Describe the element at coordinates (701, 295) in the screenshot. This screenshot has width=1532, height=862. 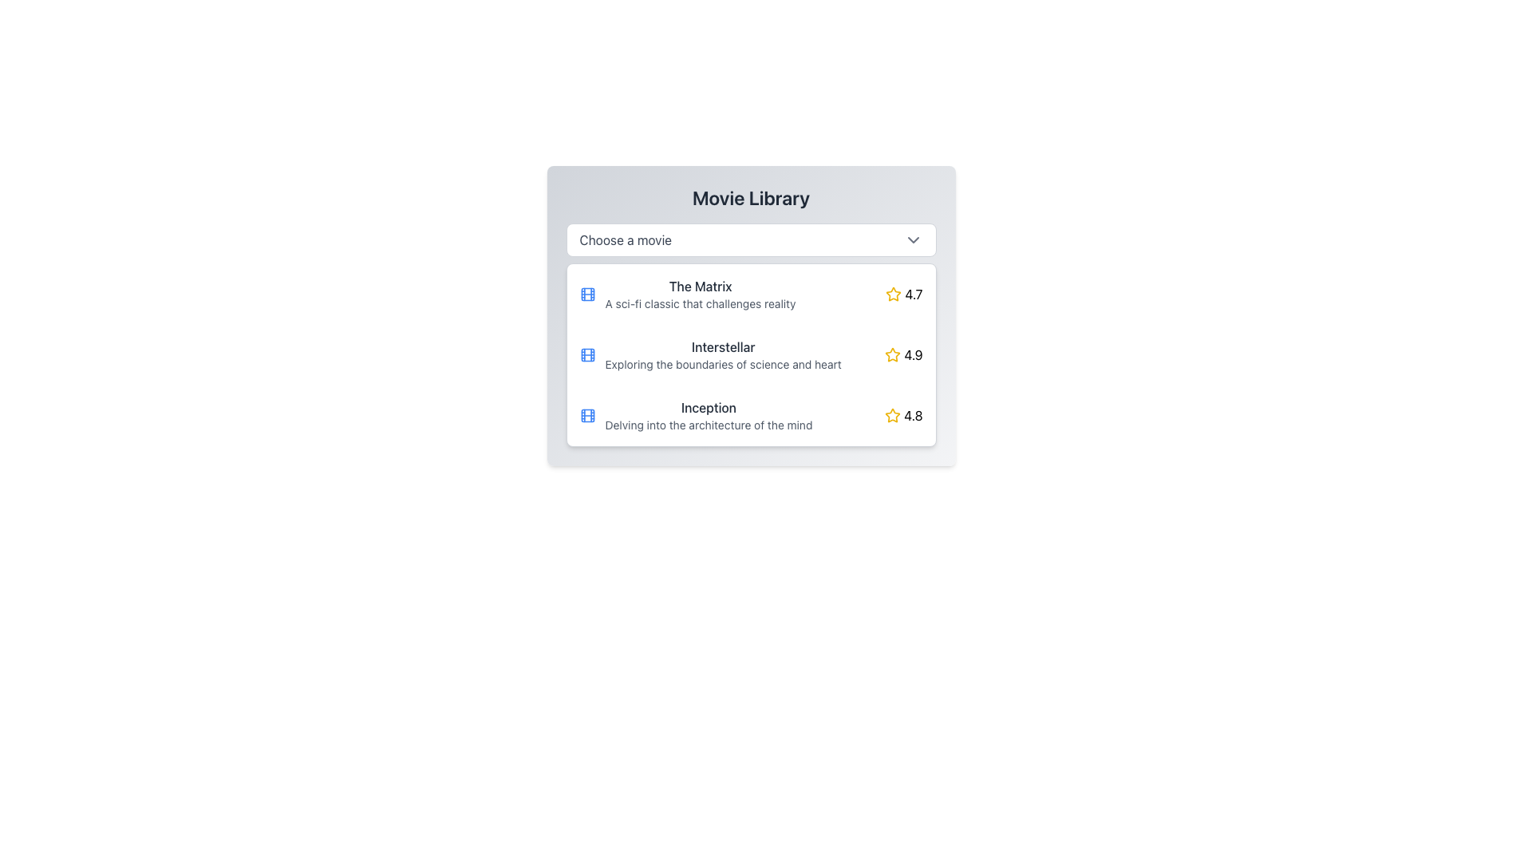
I see `the text block titled 'The Matrix' which contains a description 'A sci-fi classic that challenges reality' and is the first item in a list of similar elements` at that location.